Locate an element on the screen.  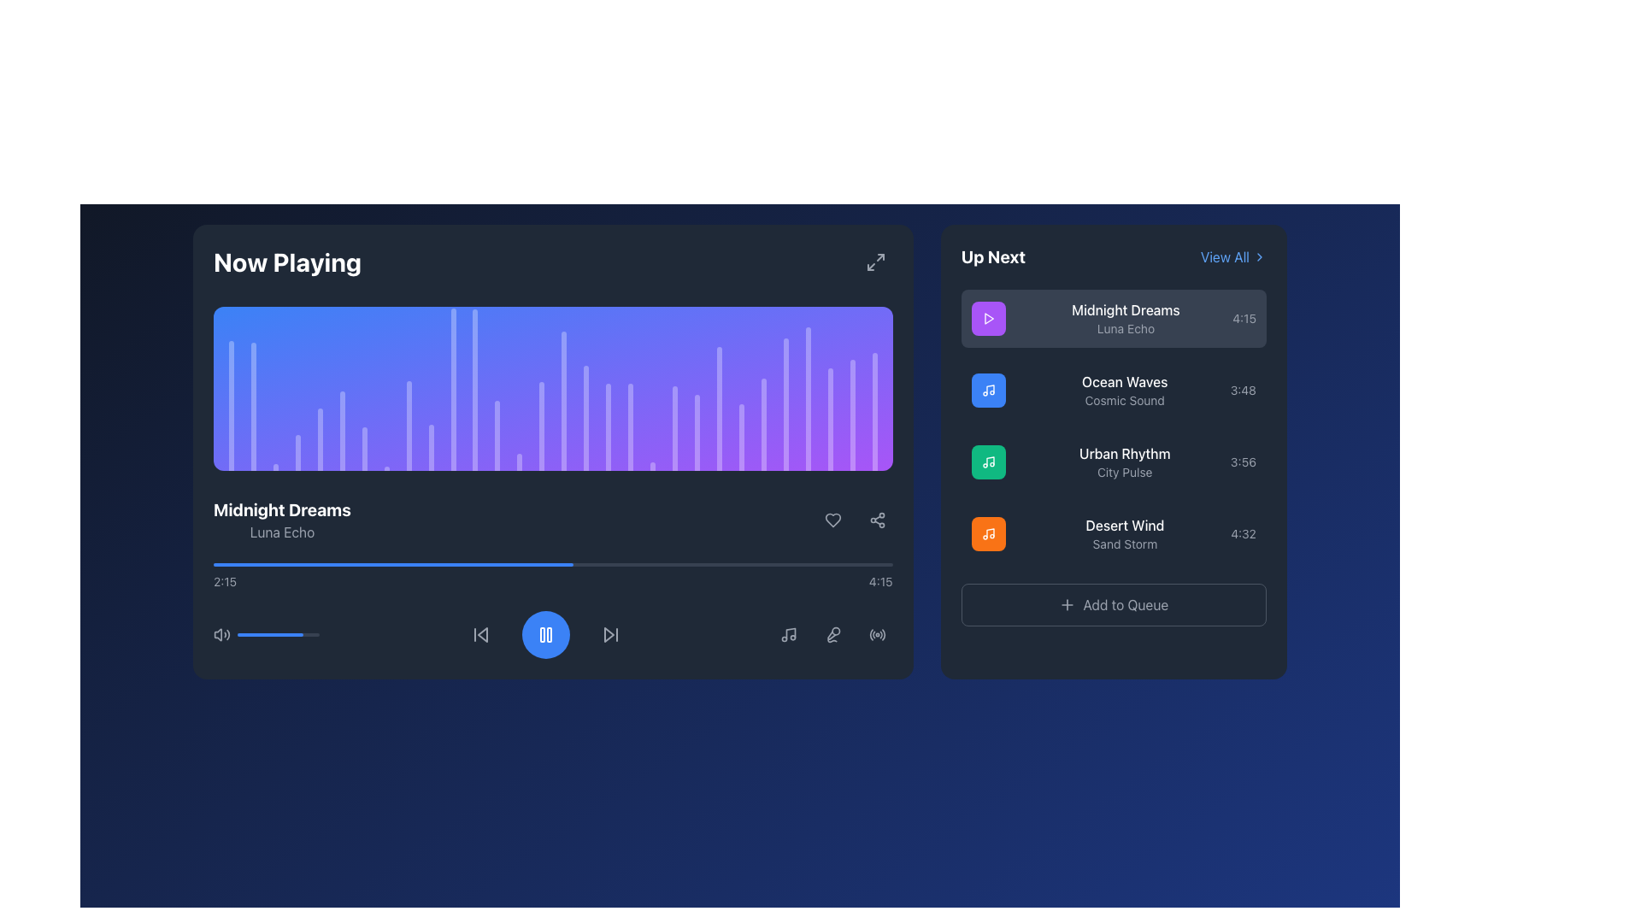
the progress bar located in the 'Now Playing' section beneath the track title 'Midnight Dreams' to jump to a specific time is located at coordinates (553, 577).